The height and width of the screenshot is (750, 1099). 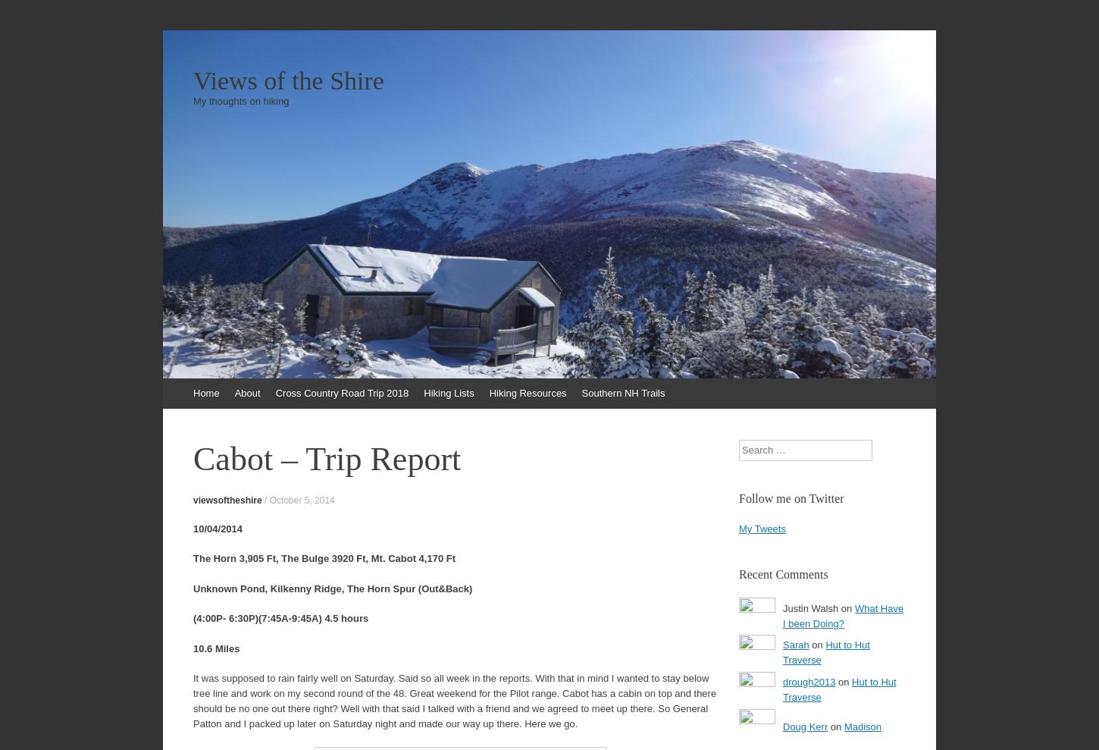 I want to click on 'Recent Comments', so click(x=783, y=574).